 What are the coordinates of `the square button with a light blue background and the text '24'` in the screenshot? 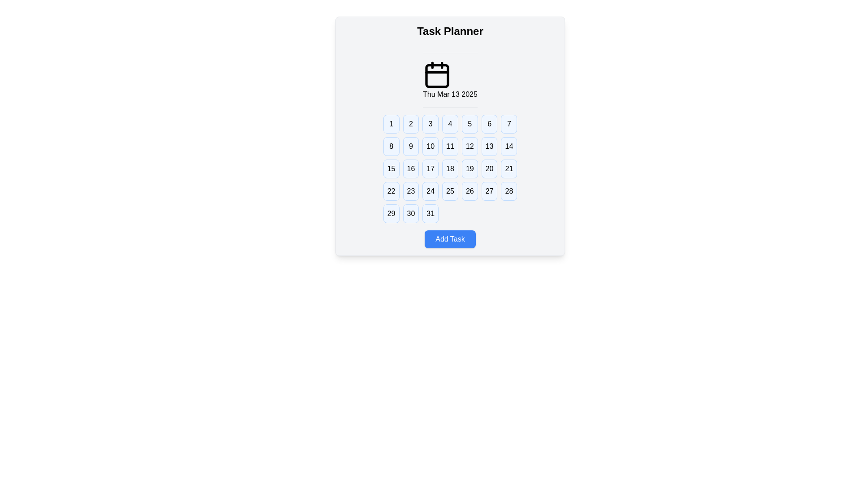 It's located at (430, 191).